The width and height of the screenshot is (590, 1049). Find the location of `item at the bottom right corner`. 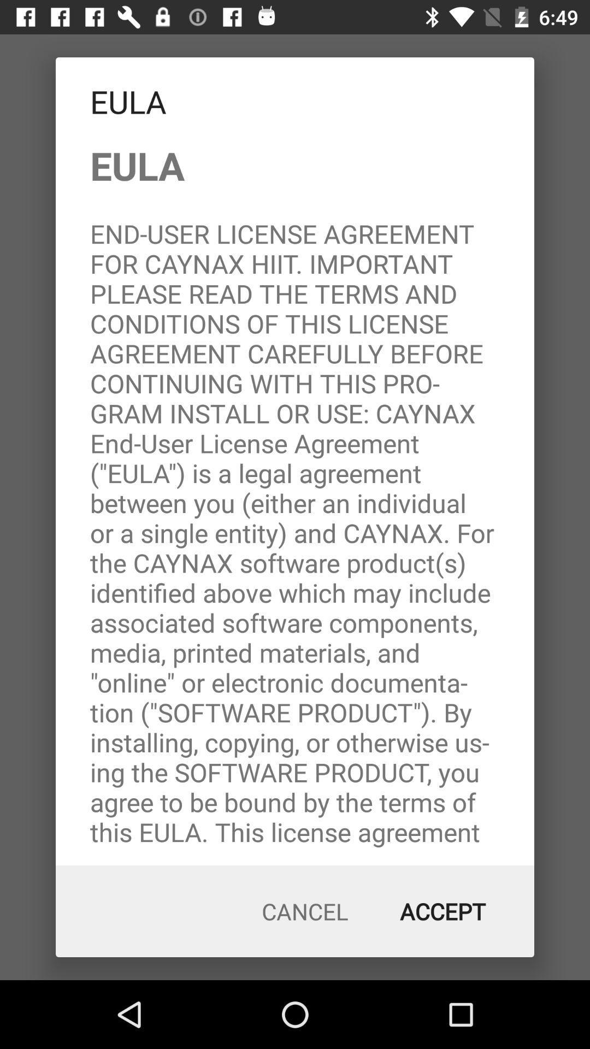

item at the bottom right corner is located at coordinates (442, 911).